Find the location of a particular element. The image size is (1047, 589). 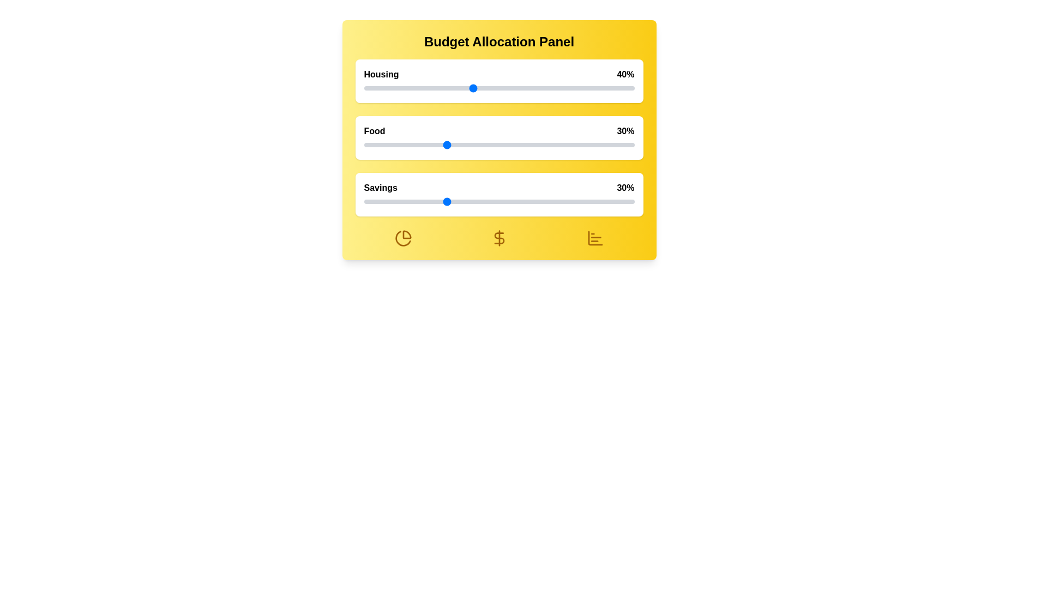

the slider that adjusts the percentage allocation for 'Housing', which currently displays '40%'. It is the first slider located below the text 'Housing 40%' is located at coordinates (498, 88).